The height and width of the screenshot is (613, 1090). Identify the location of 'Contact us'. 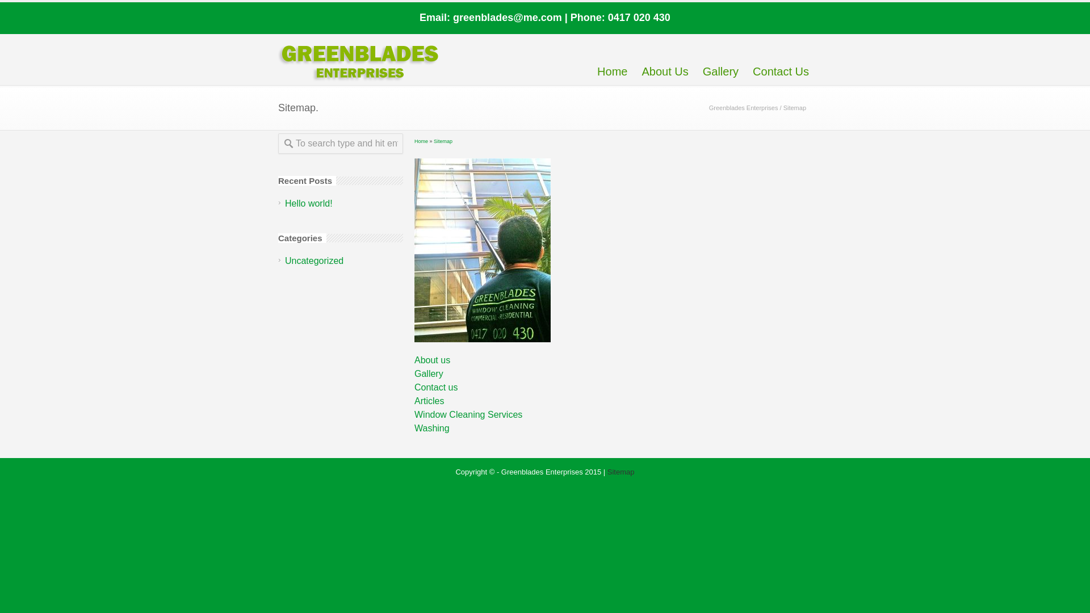
(413, 387).